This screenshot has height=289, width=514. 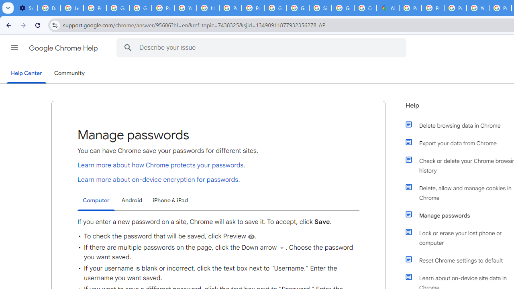 What do you see at coordinates (96, 200) in the screenshot?
I see `'Computer'` at bounding box center [96, 200].